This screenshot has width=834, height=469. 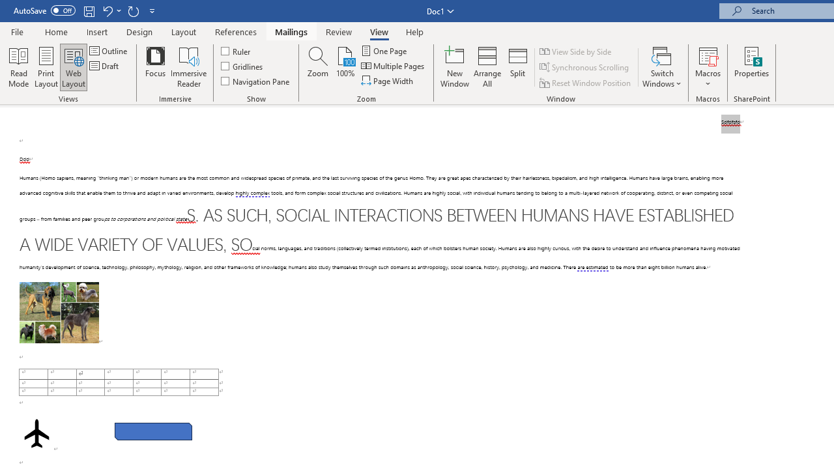 I want to click on 'Navigation Pane', so click(x=255, y=81).